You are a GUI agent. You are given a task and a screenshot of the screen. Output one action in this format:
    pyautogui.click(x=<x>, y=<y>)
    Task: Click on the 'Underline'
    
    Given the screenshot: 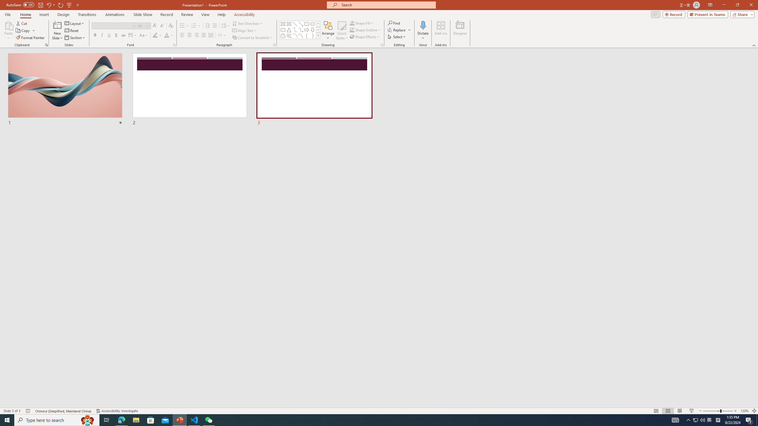 What is the action you would take?
    pyautogui.click(x=109, y=35)
    